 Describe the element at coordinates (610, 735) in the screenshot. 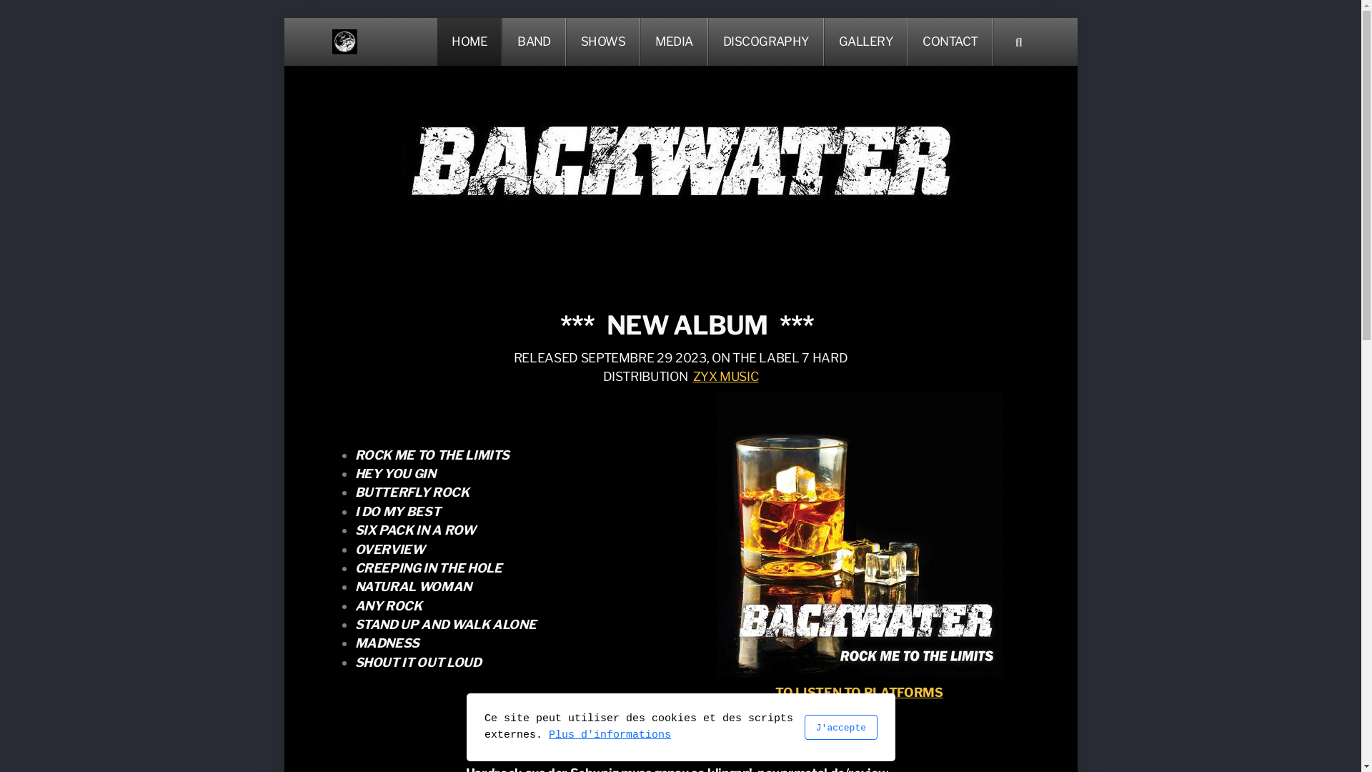

I see `'Plus d'informations'` at that location.